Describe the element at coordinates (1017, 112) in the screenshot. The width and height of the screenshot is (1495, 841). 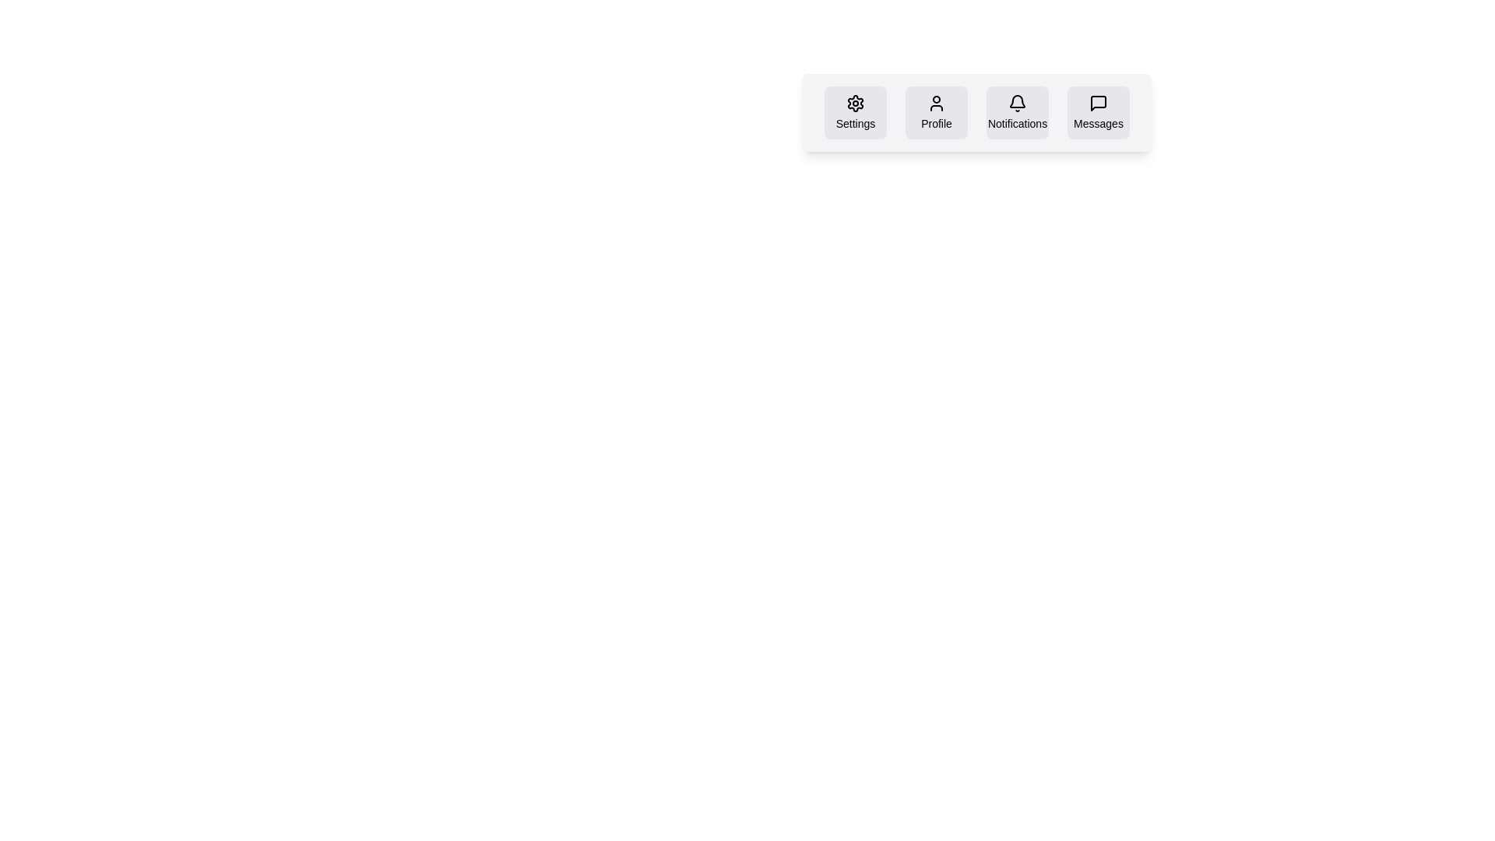
I see `the notifications button located in the horizontal menu bar between the 'Profile' and 'Messages' elements` at that location.